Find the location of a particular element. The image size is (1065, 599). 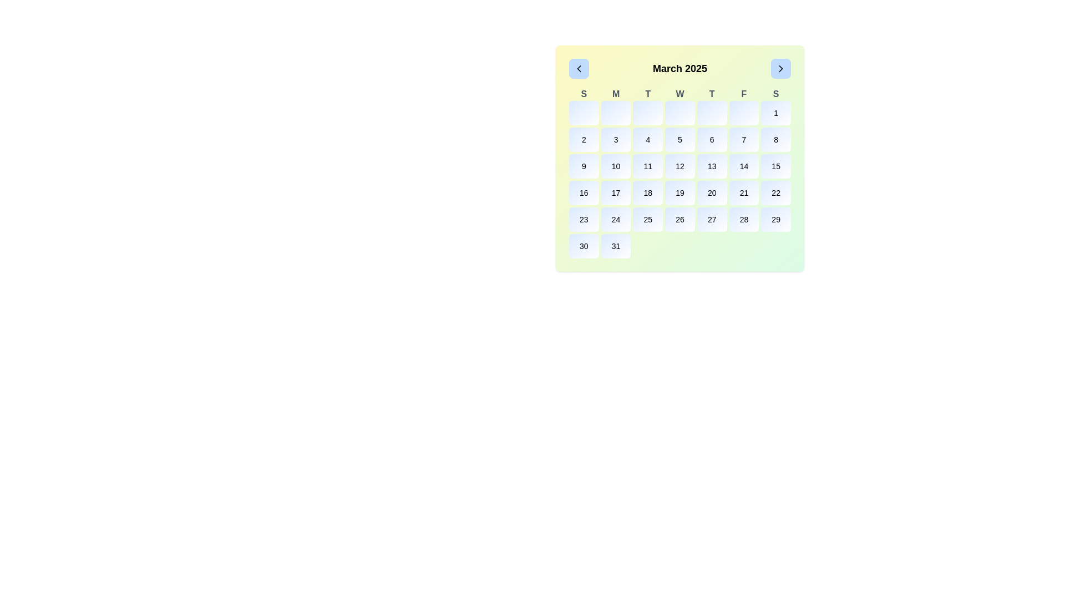

the text label representing 'Thursday' in the calendar view, located in the row of days of the week underneath the title 'March 2025' is located at coordinates (712, 93).